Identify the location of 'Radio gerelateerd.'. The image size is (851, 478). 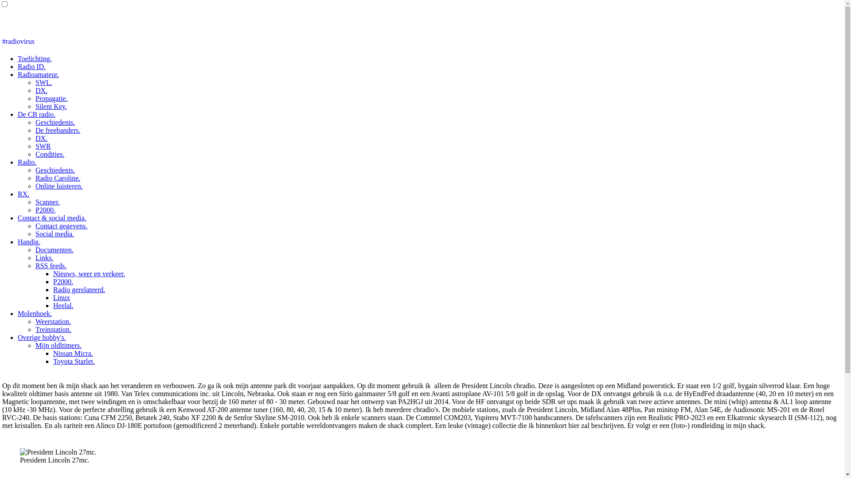
(79, 289).